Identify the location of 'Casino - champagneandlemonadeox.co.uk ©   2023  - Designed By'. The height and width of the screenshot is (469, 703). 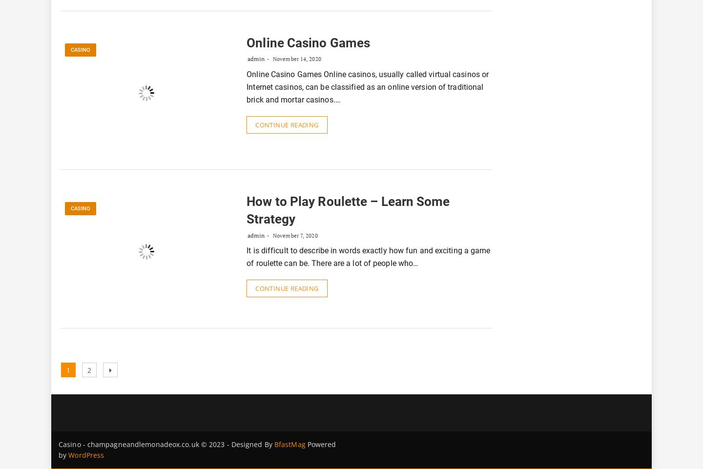
(166, 444).